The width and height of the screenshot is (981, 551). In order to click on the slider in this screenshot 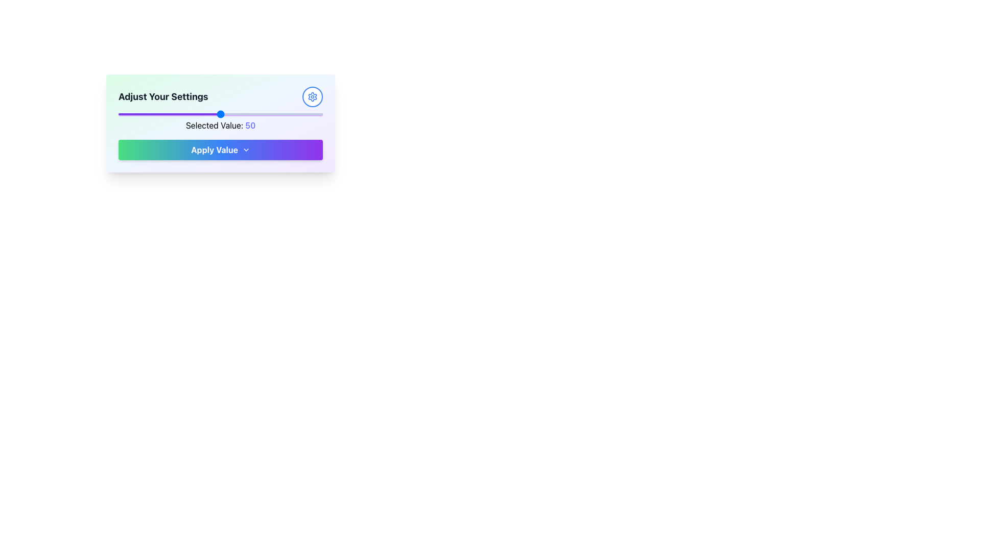, I will do `click(284, 114)`.